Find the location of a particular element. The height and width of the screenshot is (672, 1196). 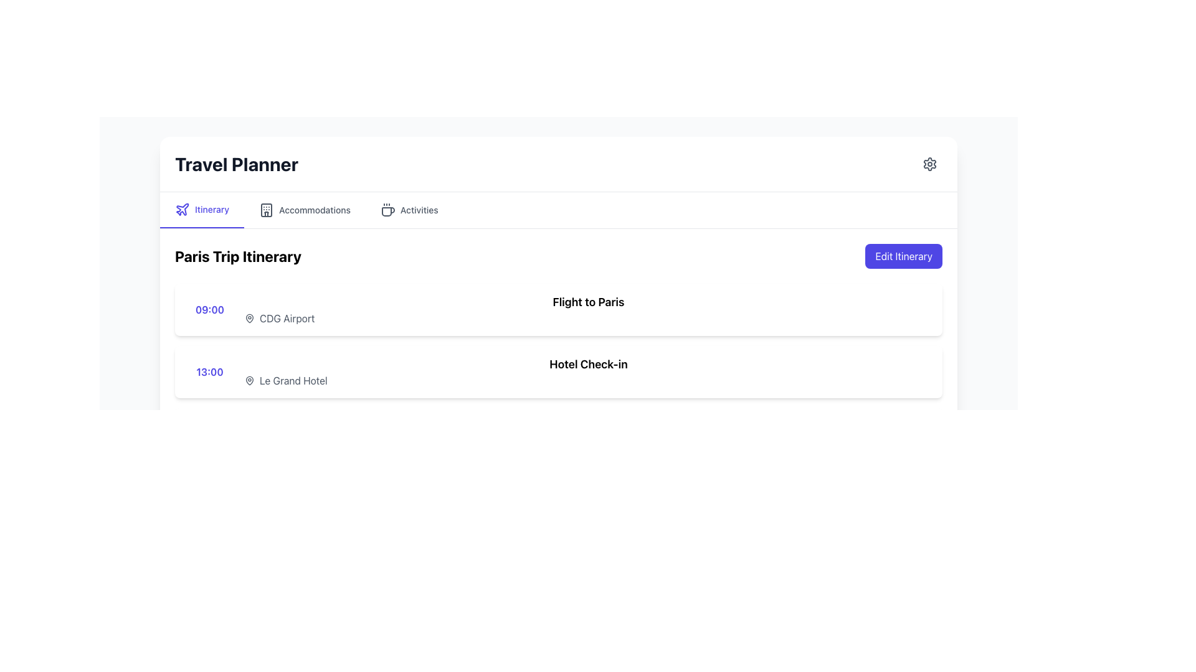

the List item in the itinerary details view that shows '09:00' on the left and 'Flight to Paris' on the right, positioned as the first item in the 'Paris Trip Itinerary' section is located at coordinates (558, 309).